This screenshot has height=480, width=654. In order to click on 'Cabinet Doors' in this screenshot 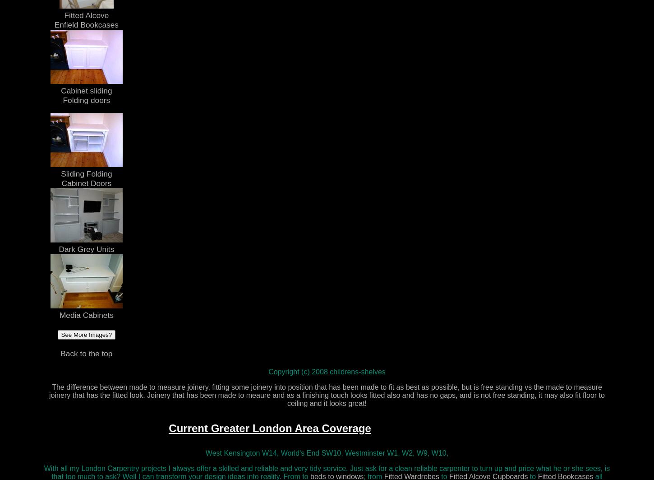, I will do `click(86, 183)`.